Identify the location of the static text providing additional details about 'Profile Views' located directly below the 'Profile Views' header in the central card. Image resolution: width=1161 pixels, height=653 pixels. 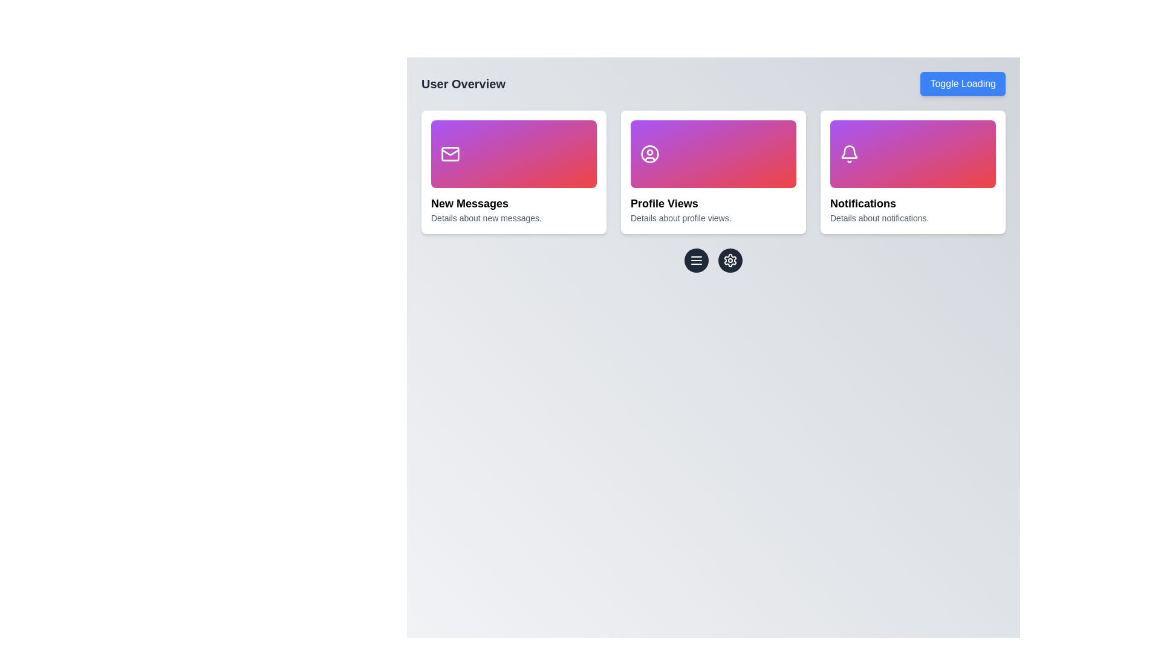
(681, 218).